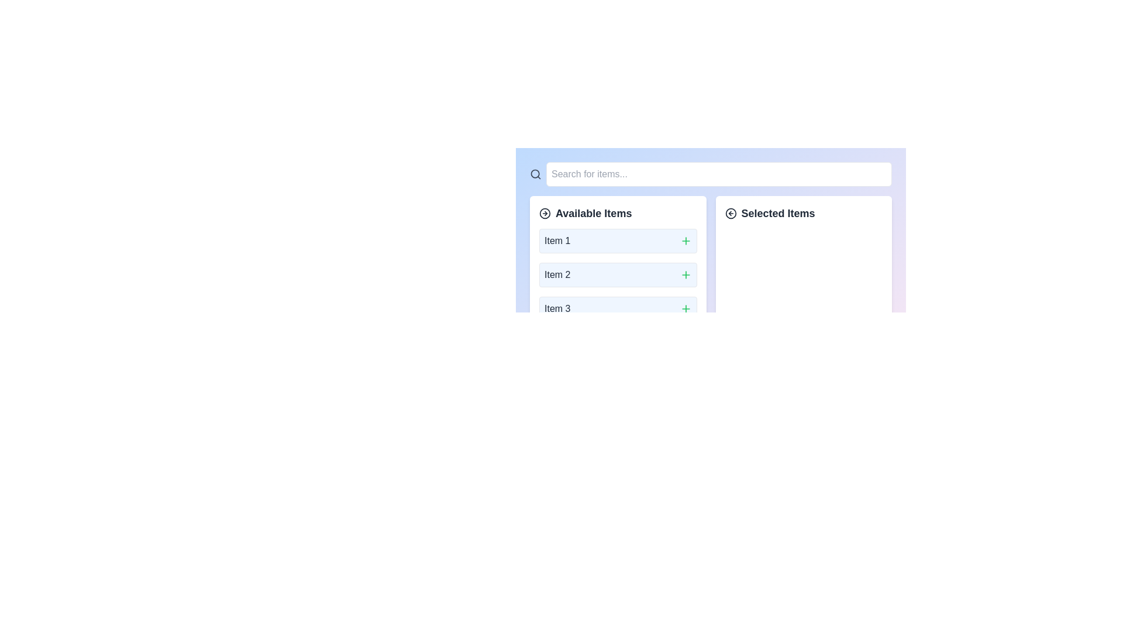 The height and width of the screenshot is (632, 1123). What do you see at coordinates (730, 214) in the screenshot?
I see `the left-pointing arrow icon enclosed within a circular stroke, located to the left of the 'Selected Items' title` at bounding box center [730, 214].